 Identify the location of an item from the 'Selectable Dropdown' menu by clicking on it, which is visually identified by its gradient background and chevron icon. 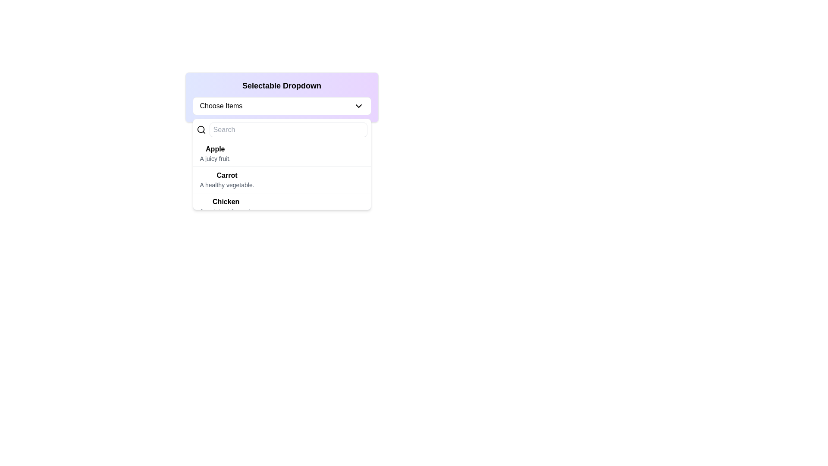
(282, 97).